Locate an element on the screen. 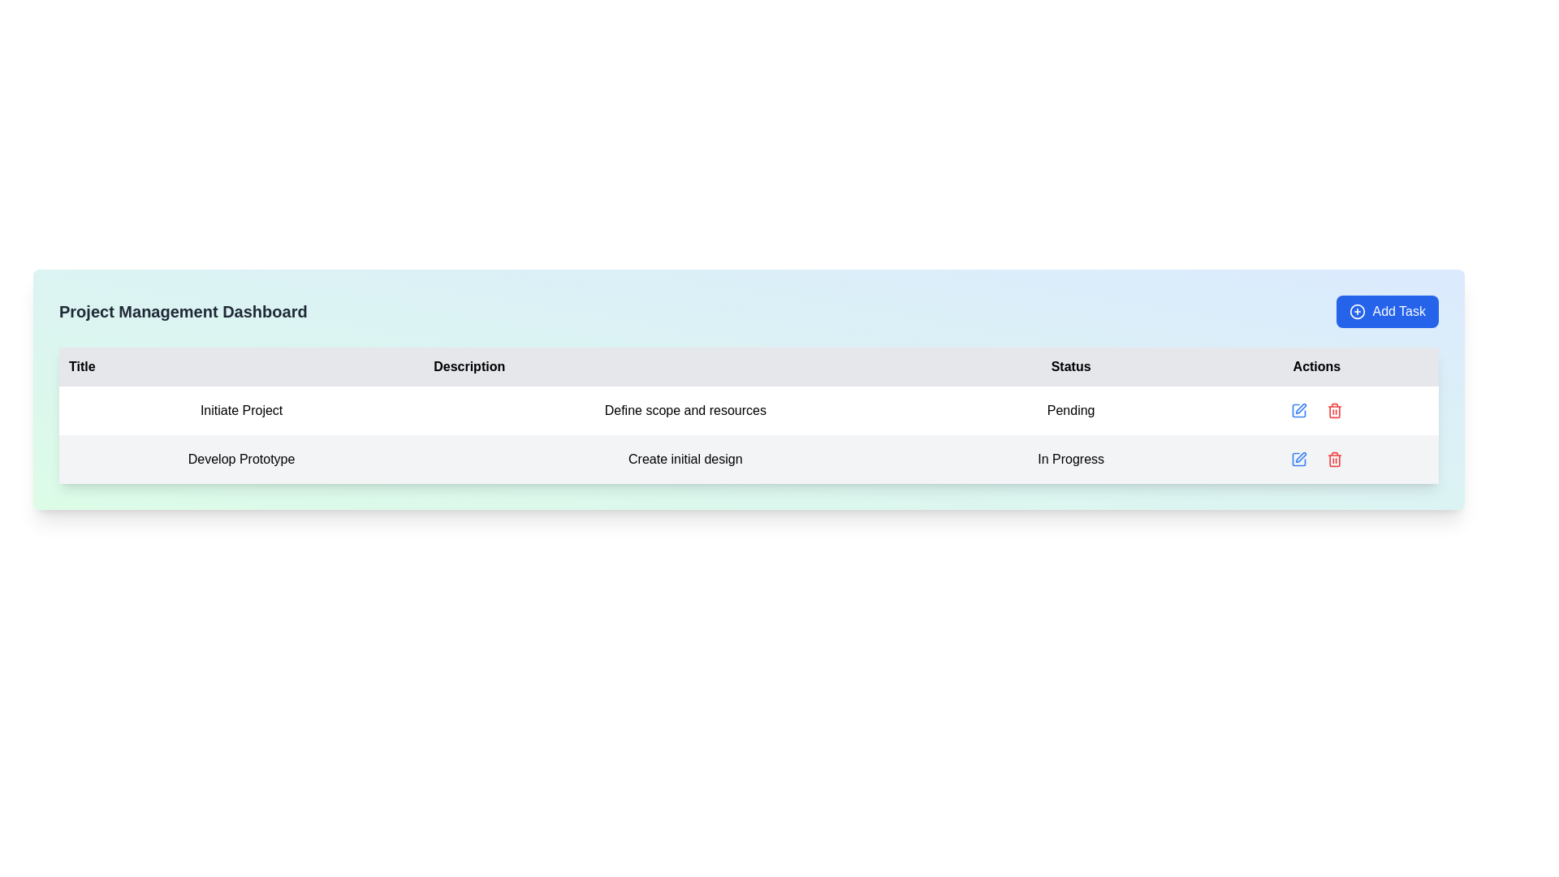 This screenshot has width=1559, height=877. the circular icon within the 'Add Task' button located in the upper-right corner of the interface is located at coordinates (1358, 312).